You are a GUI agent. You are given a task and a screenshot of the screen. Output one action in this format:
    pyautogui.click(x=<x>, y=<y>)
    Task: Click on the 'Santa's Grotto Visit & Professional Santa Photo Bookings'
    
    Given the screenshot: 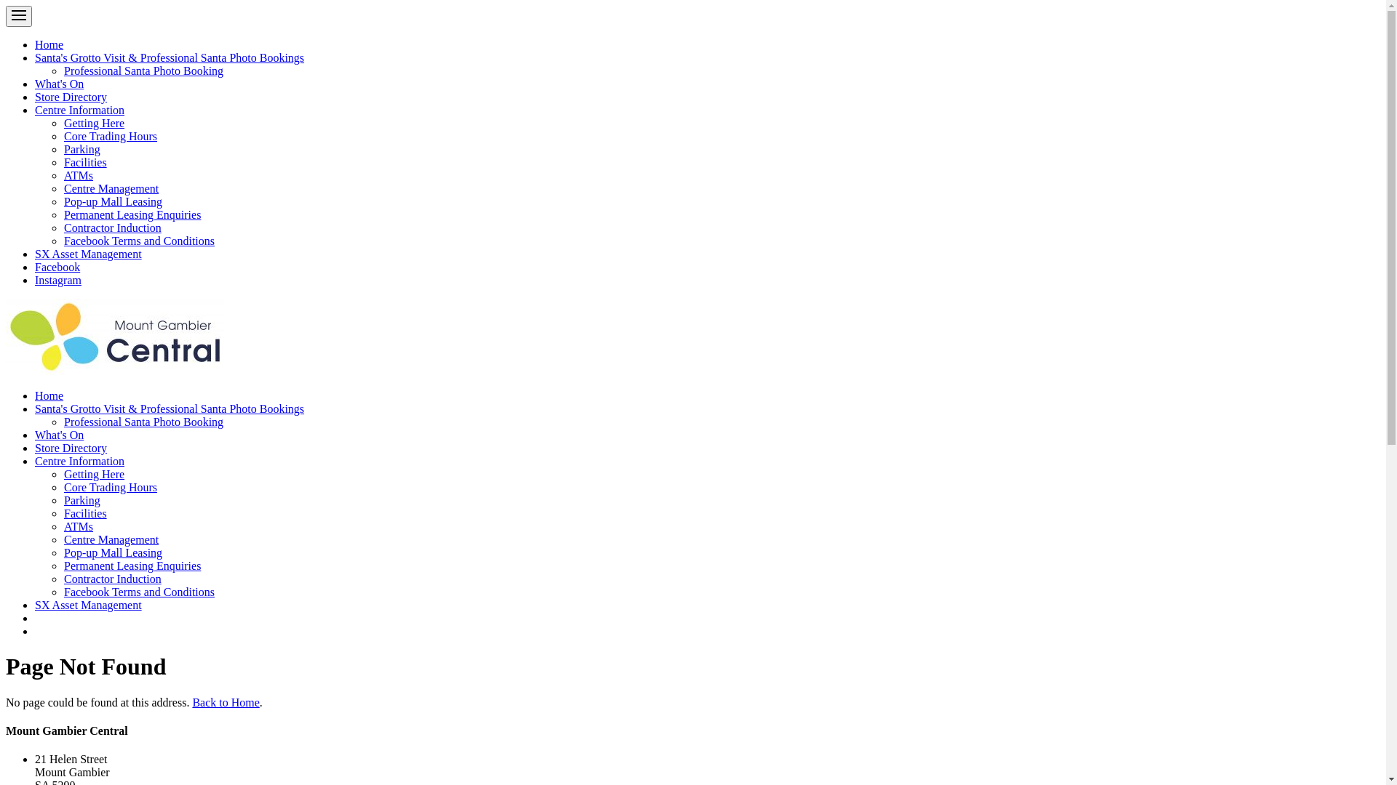 What is the action you would take?
    pyautogui.click(x=170, y=408)
    